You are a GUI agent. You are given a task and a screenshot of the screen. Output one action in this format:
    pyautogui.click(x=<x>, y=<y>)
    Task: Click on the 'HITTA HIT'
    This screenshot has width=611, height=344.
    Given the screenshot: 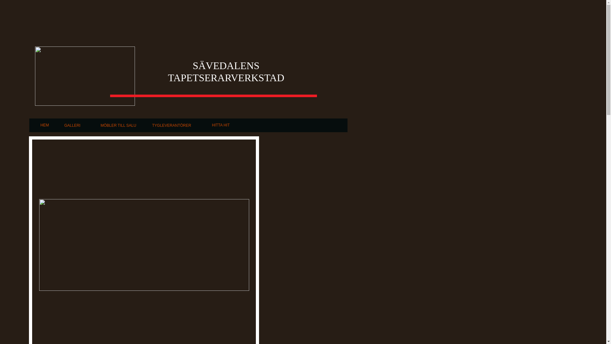 What is the action you would take?
    pyautogui.click(x=221, y=125)
    